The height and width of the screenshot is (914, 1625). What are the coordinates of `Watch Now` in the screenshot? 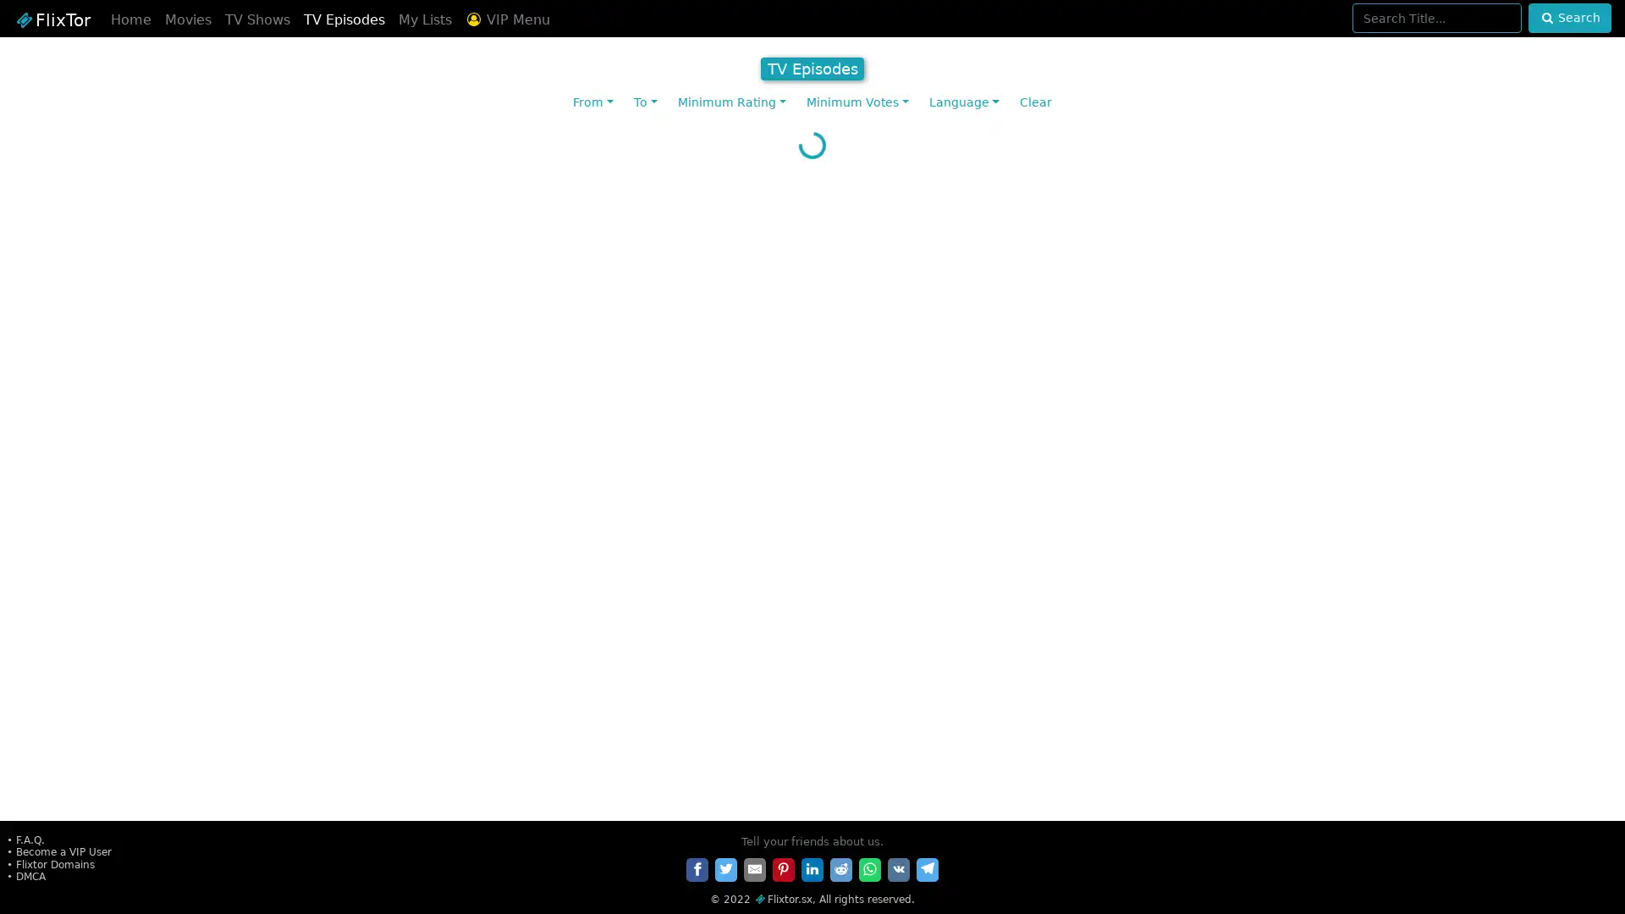 It's located at (715, 371).